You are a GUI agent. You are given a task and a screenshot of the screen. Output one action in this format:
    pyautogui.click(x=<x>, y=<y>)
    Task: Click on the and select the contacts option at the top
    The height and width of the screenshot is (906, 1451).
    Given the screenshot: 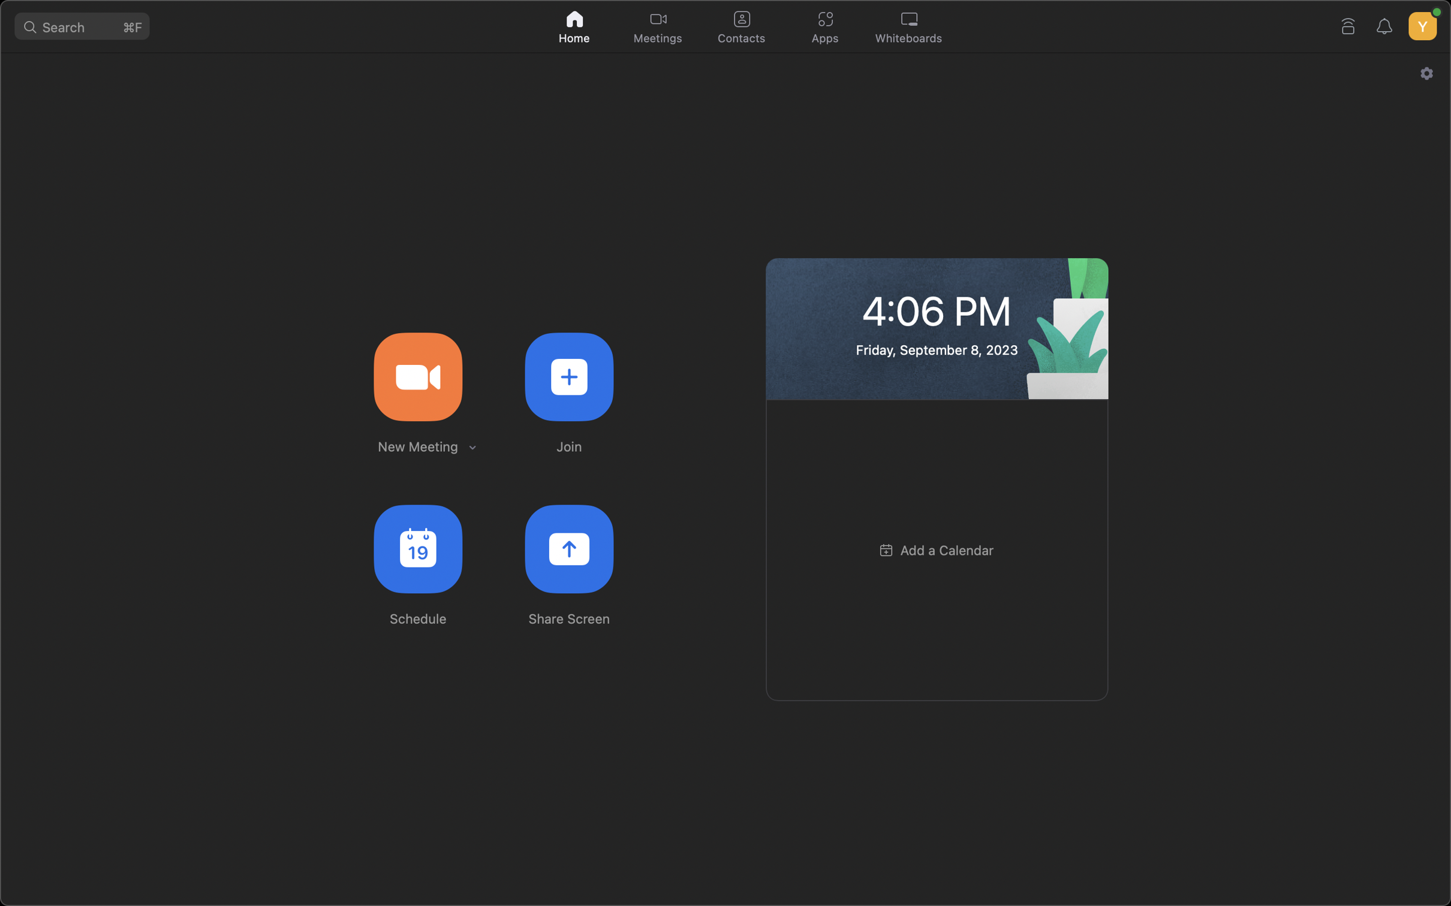 What is the action you would take?
    pyautogui.click(x=740, y=25)
    